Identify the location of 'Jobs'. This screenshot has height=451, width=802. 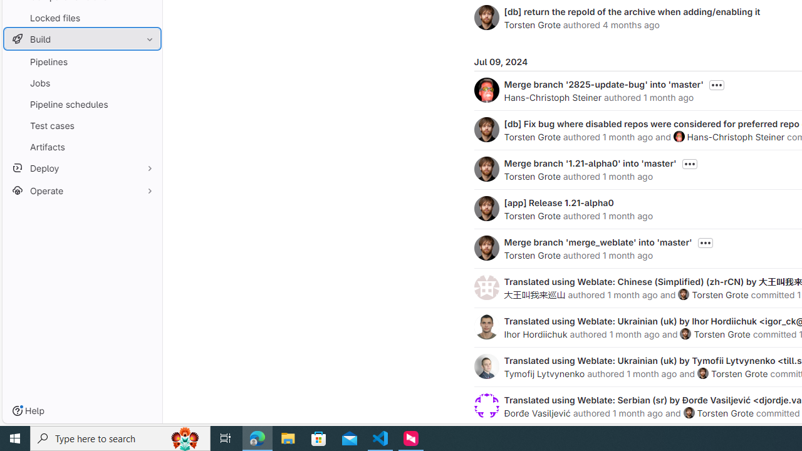
(81, 83).